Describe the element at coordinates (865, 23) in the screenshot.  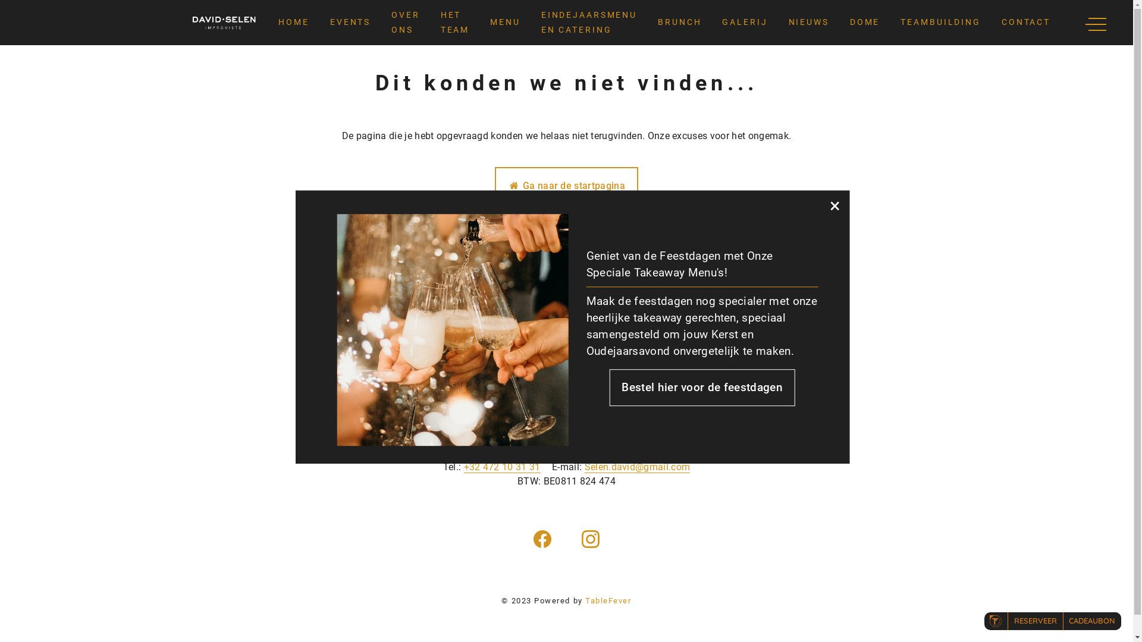
I see `'DOME'` at that location.